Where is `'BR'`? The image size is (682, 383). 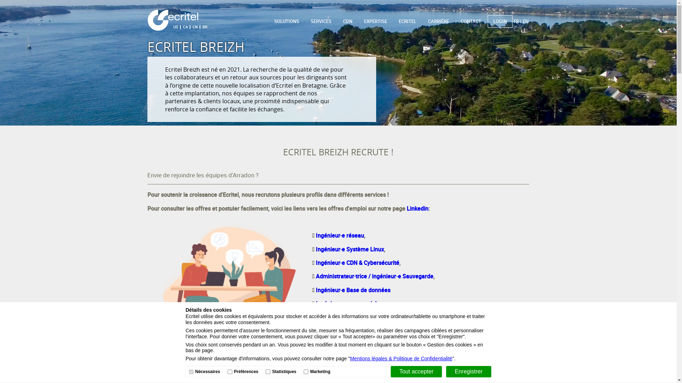
'BR' is located at coordinates (200, 27).